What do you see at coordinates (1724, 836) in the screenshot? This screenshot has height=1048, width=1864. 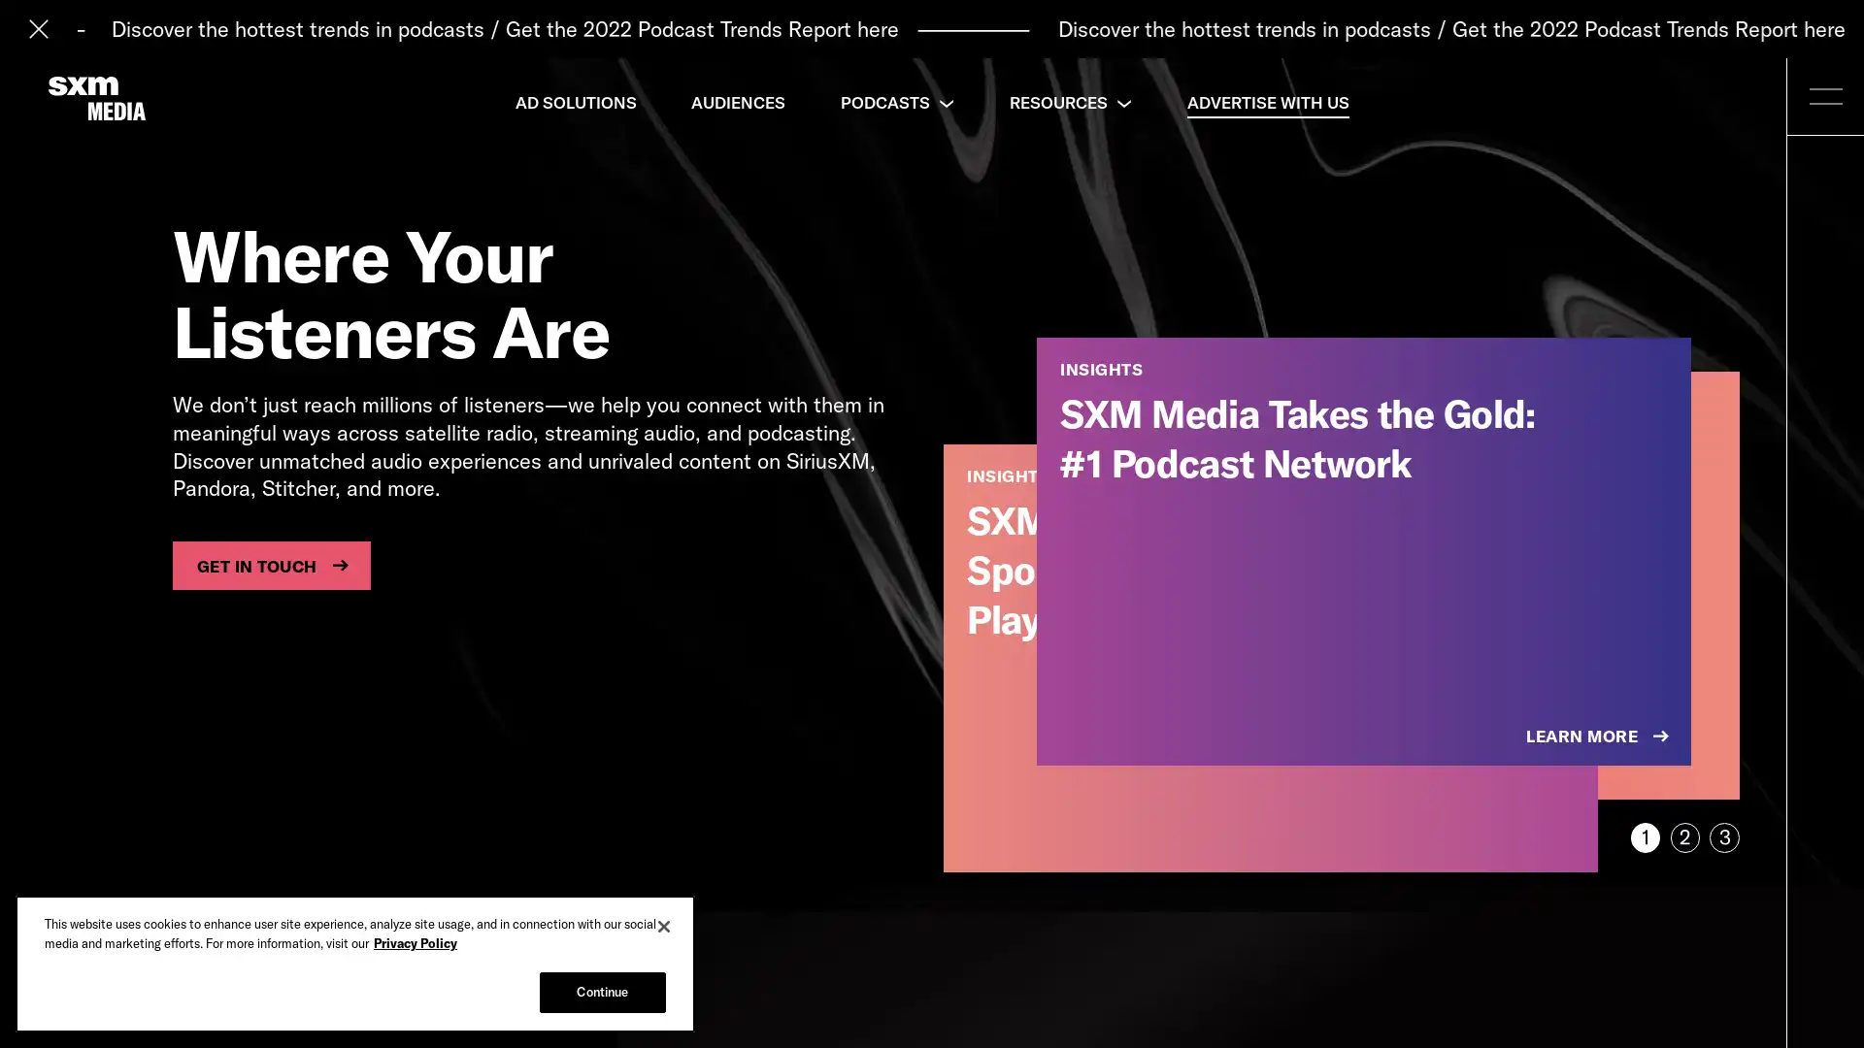 I see `3` at bounding box center [1724, 836].